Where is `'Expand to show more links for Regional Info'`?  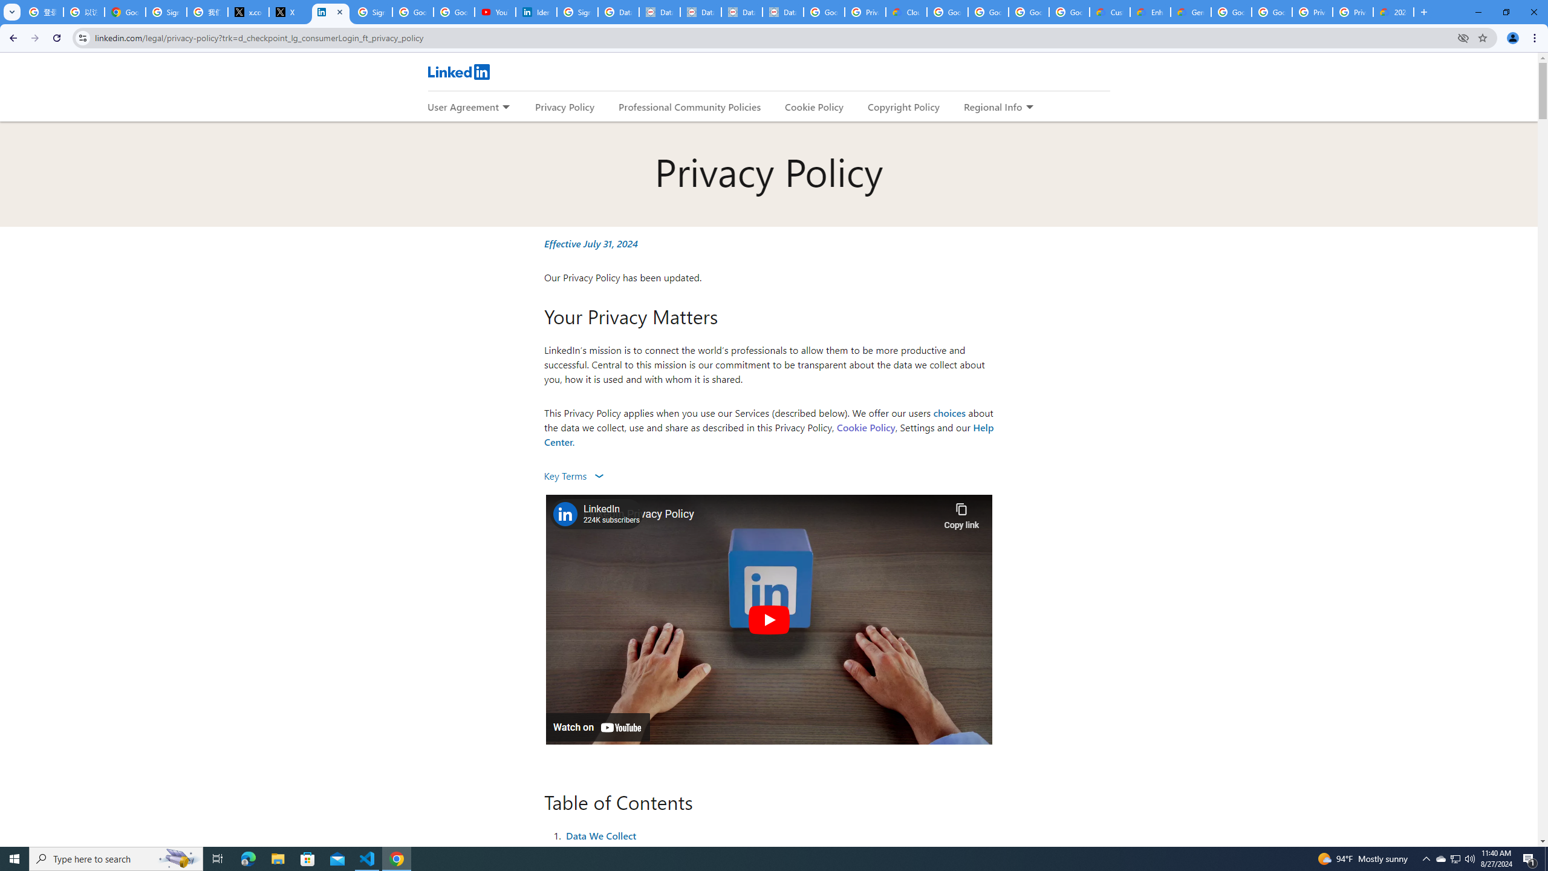
'Expand to show more links for Regional Info' is located at coordinates (1029, 107).